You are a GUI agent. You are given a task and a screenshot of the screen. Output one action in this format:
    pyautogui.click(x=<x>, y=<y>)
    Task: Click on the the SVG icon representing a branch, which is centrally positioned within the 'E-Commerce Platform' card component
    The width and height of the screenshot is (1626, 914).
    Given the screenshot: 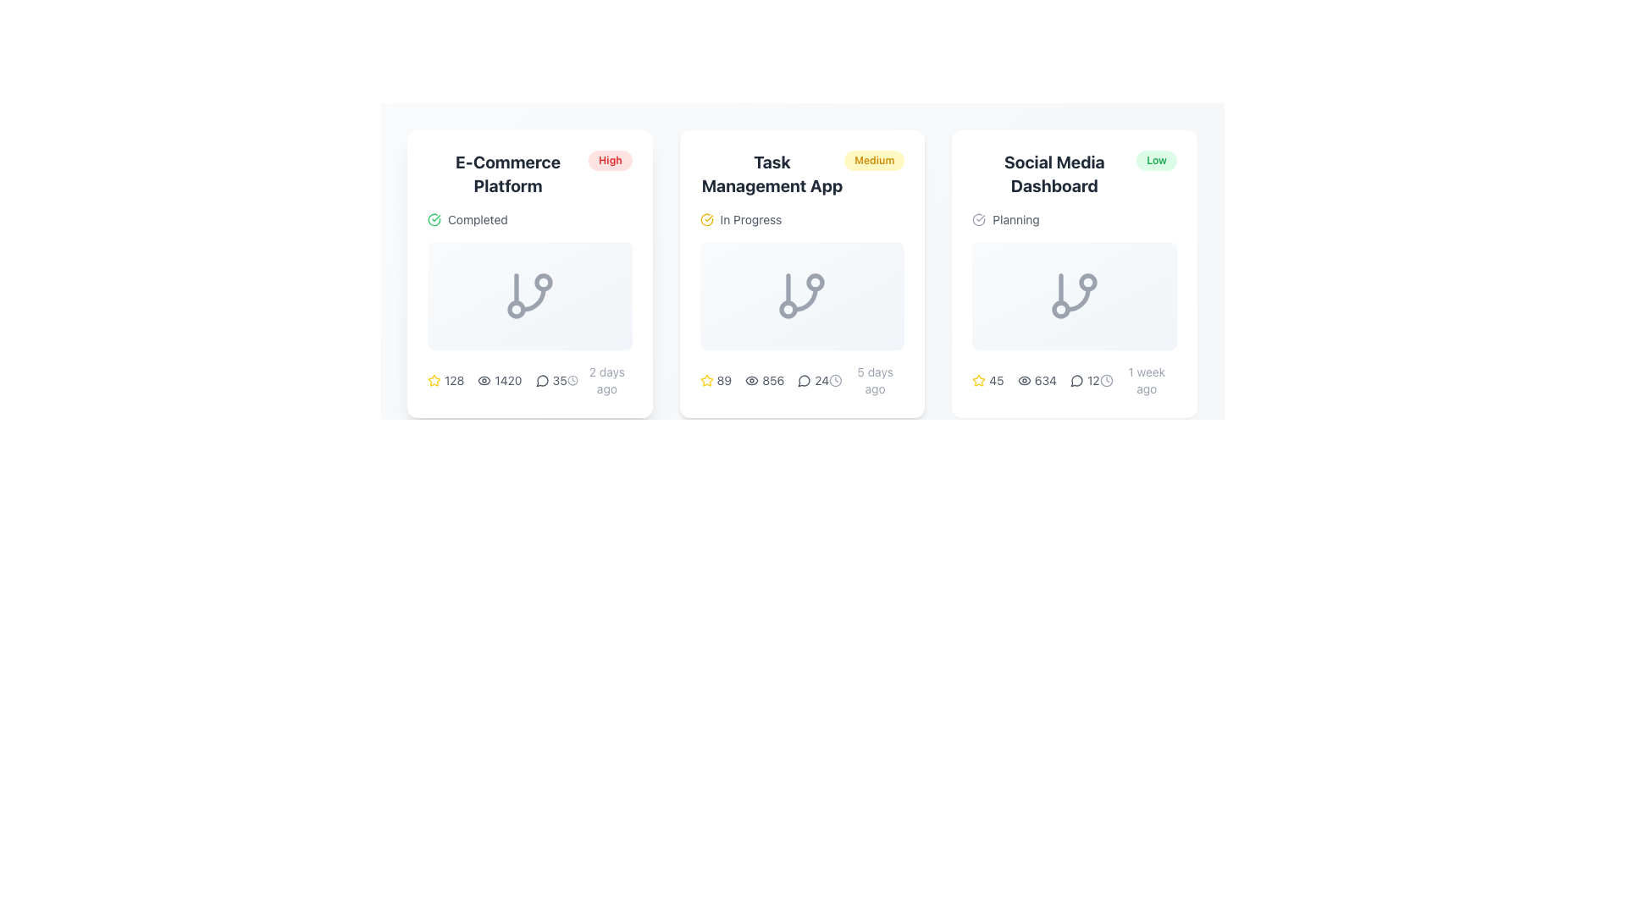 What is the action you would take?
    pyautogui.click(x=528, y=295)
    